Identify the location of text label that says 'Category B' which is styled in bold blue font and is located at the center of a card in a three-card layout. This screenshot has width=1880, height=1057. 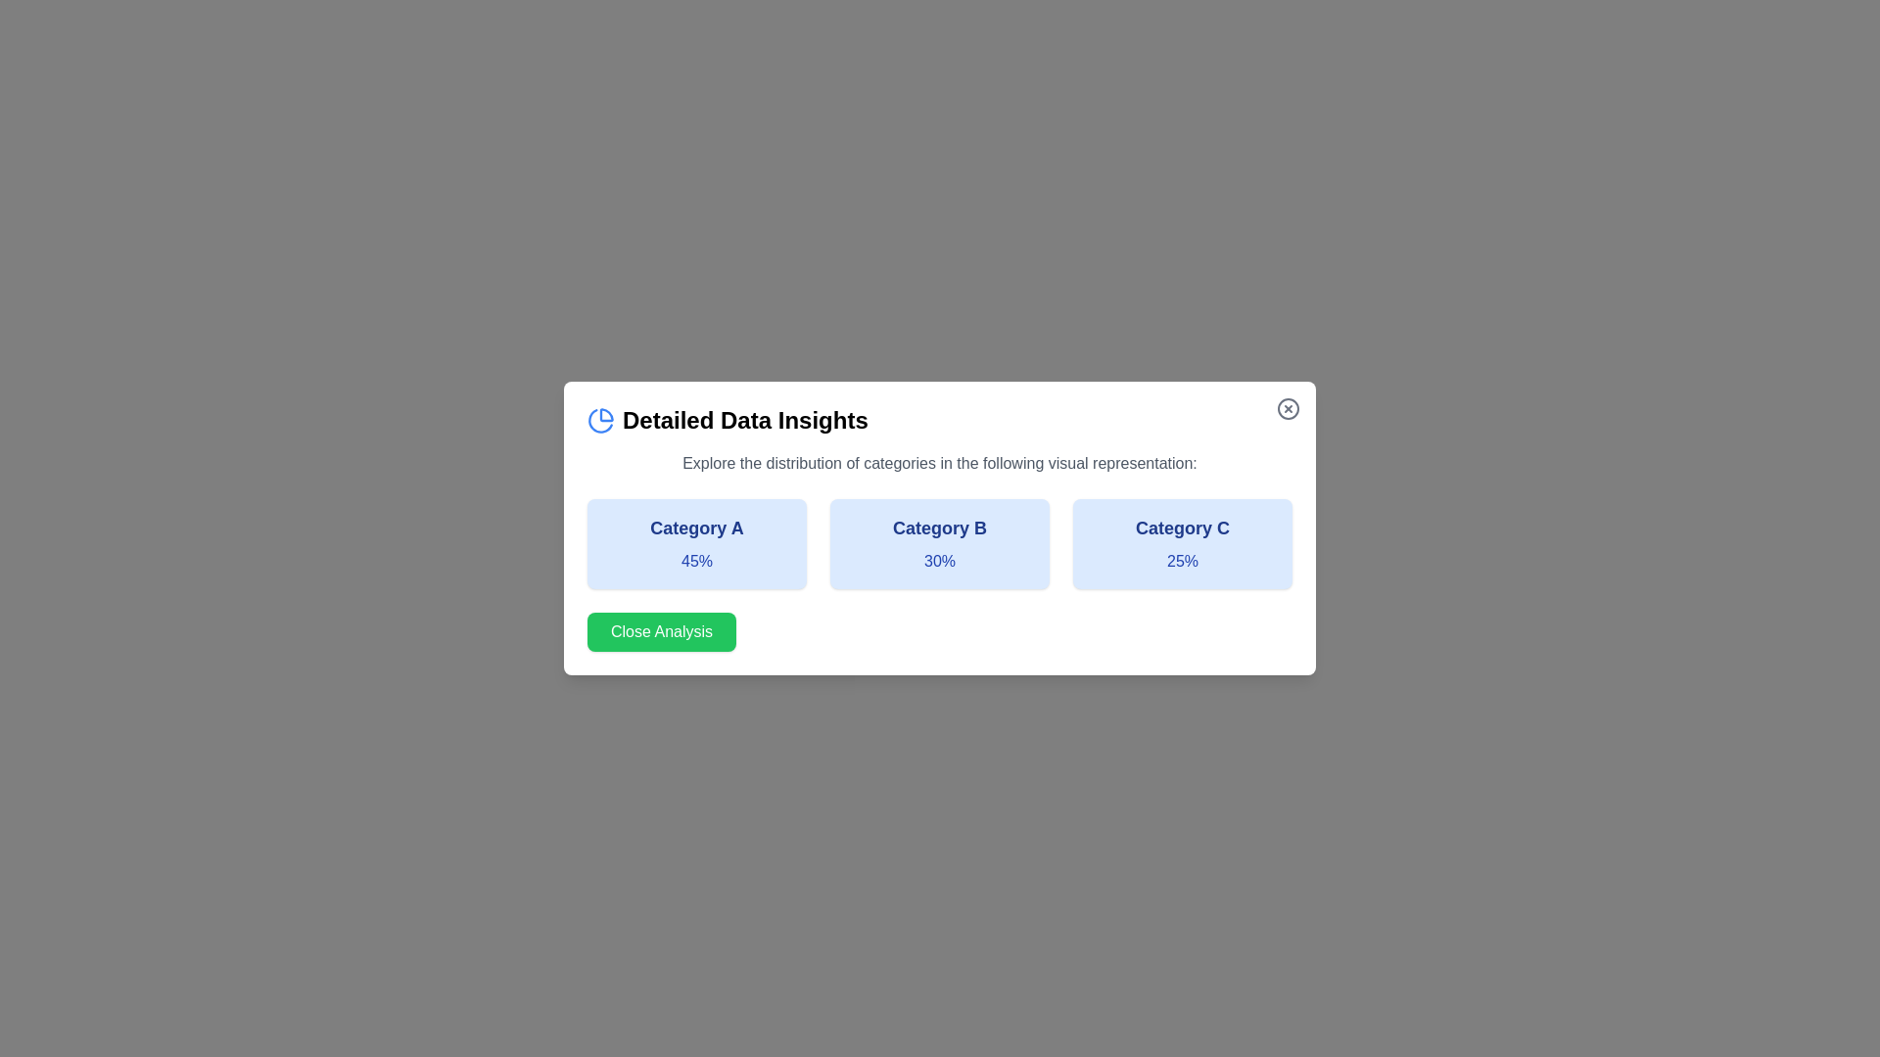
(940, 528).